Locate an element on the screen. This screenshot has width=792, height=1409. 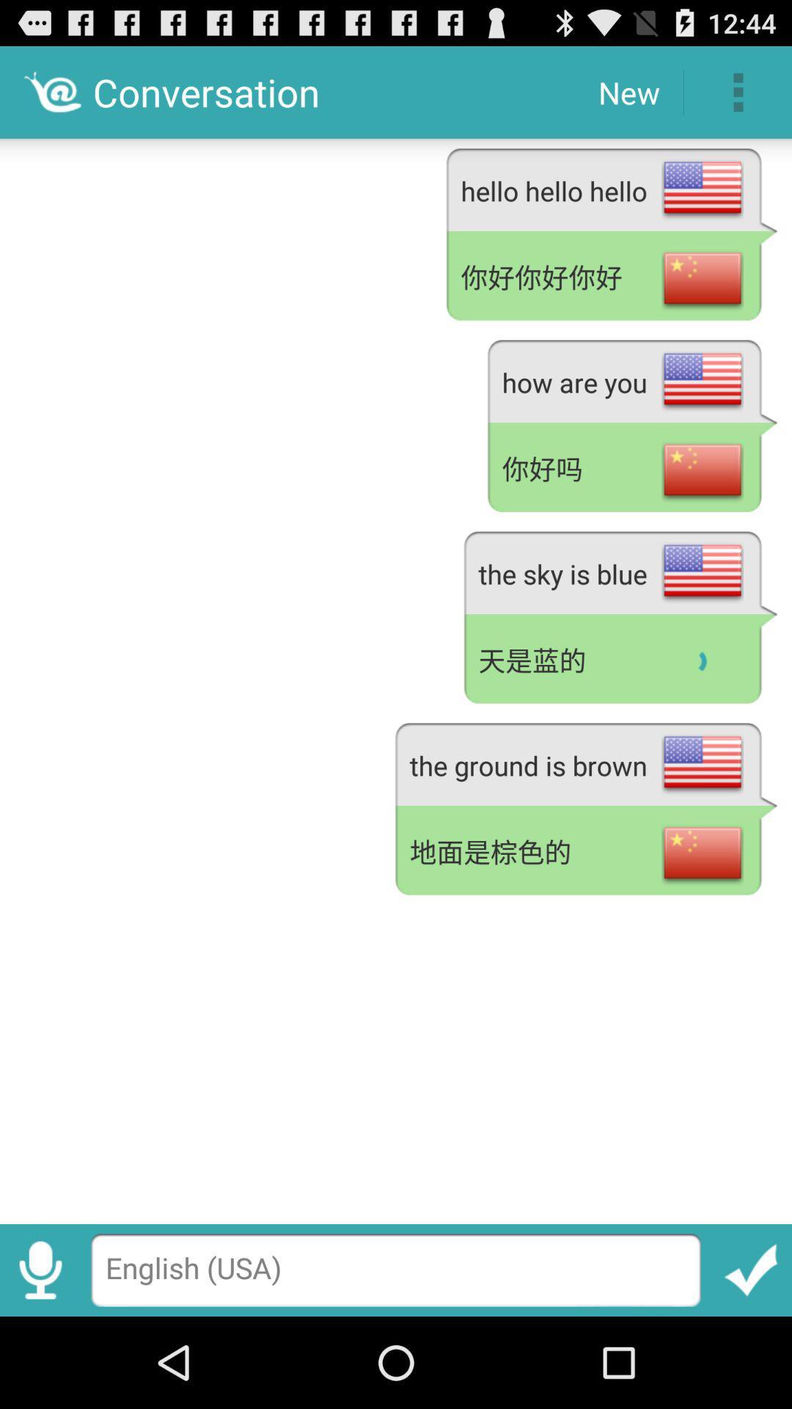
the app above the how are you is located at coordinates (612, 278).